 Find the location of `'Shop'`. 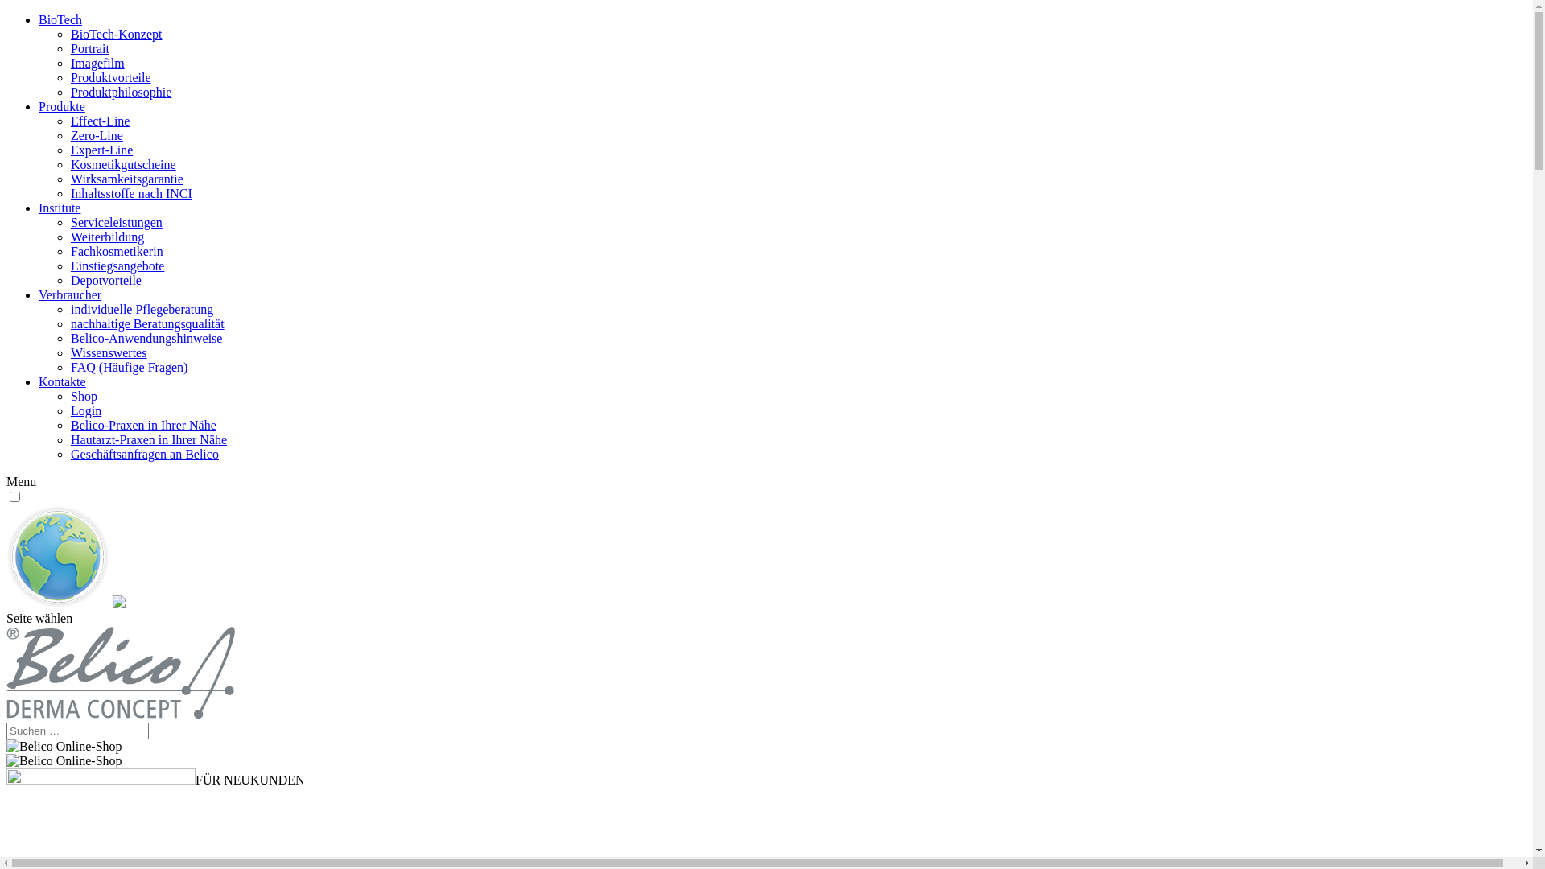

'Shop' is located at coordinates (69, 396).